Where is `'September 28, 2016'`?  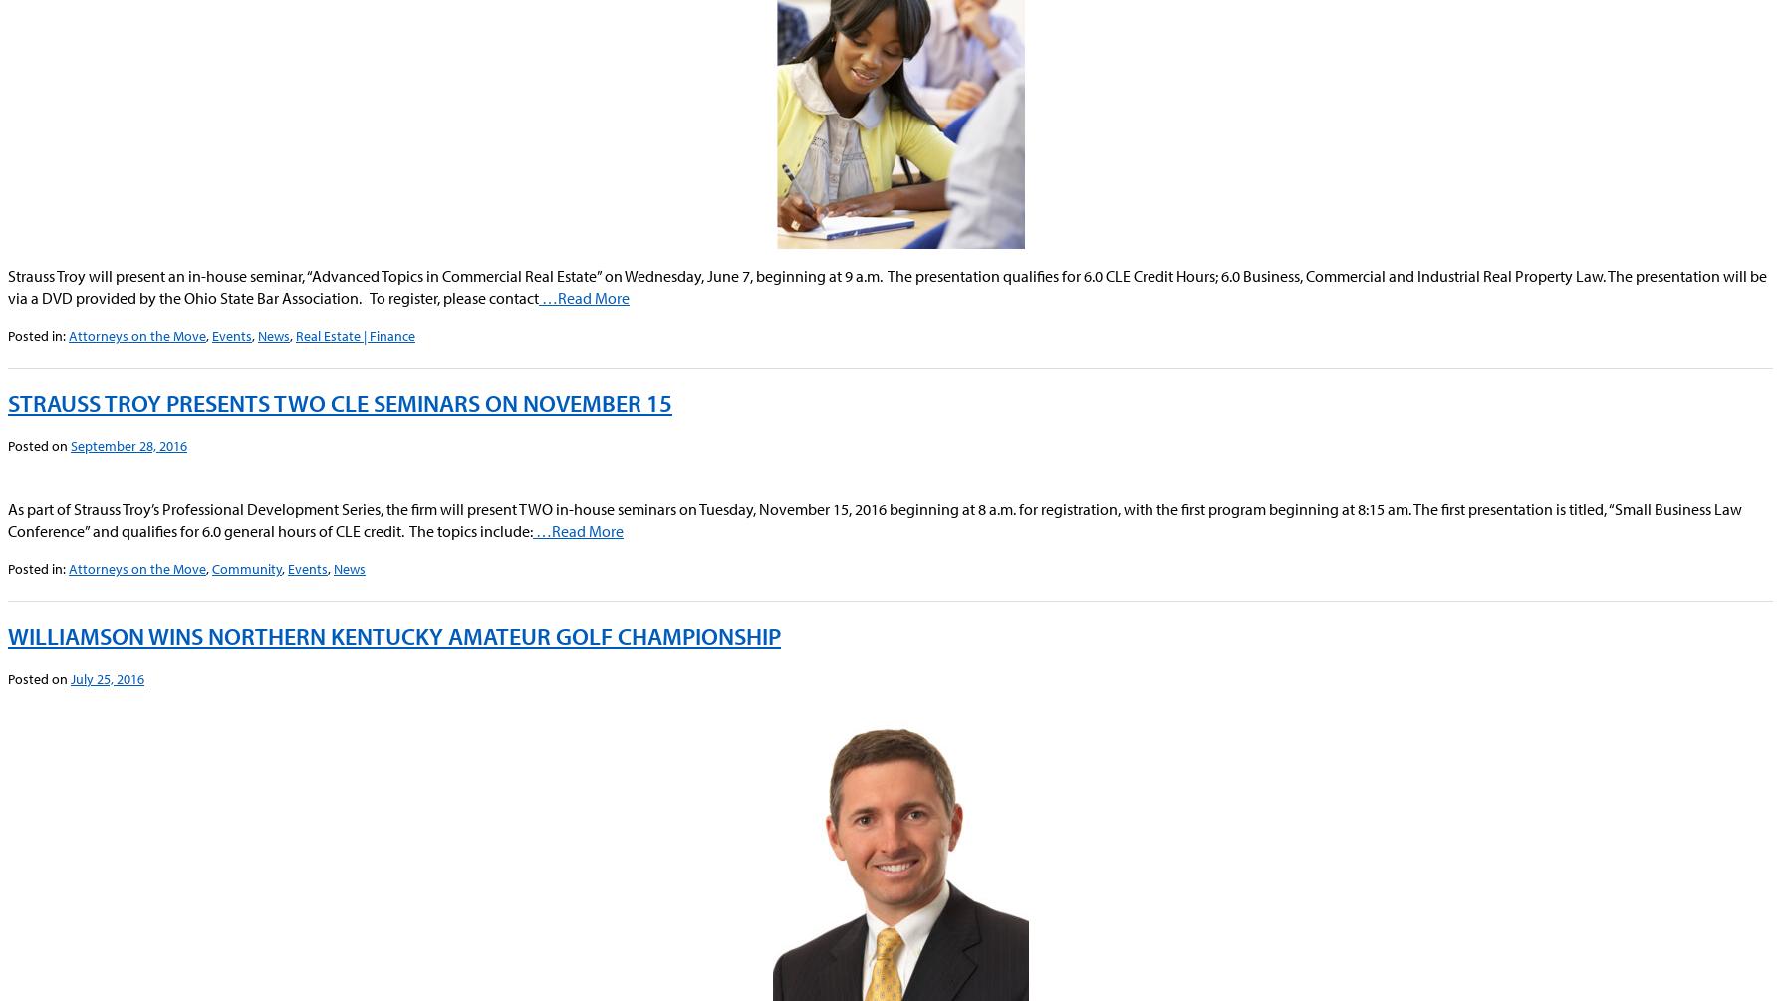
'September 28, 2016' is located at coordinates (69, 446).